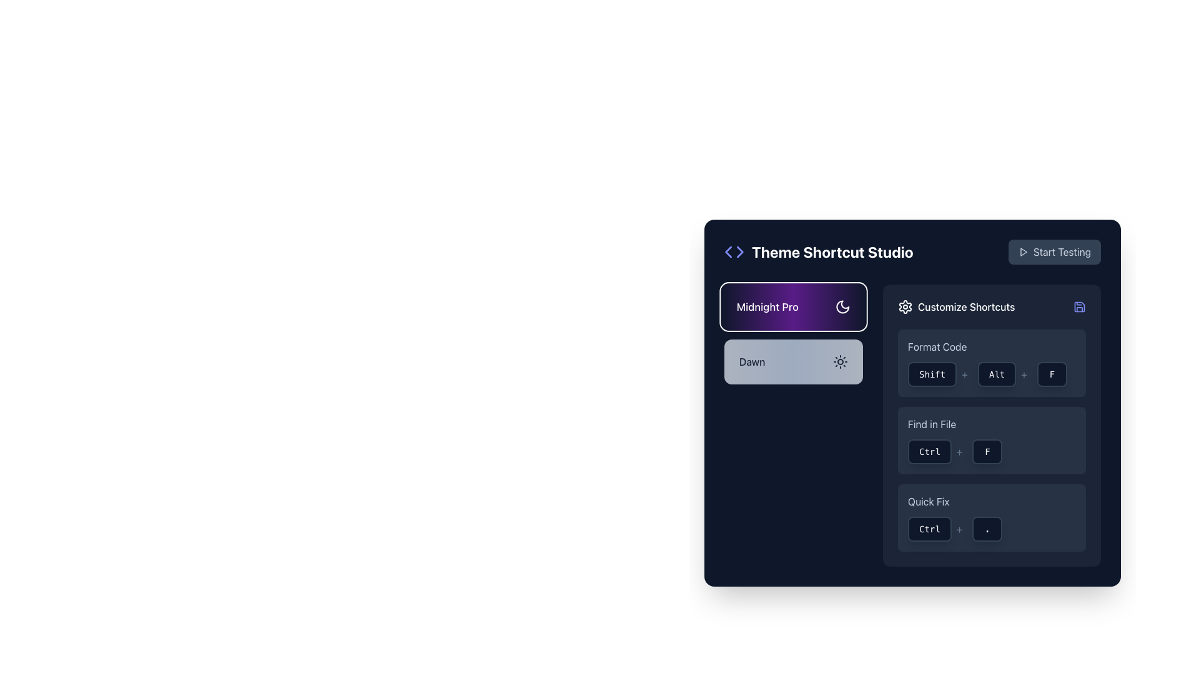 The image size is (1199, 674). What do you see at coordinates (940, 374) in the screenshot?
I see `the 'Shift' text-styled button in the 'Customize Shortcuts' section, which features a dark background and white monospace text, positioned to the left of the '+' separator` at bounding box center [940, 374].